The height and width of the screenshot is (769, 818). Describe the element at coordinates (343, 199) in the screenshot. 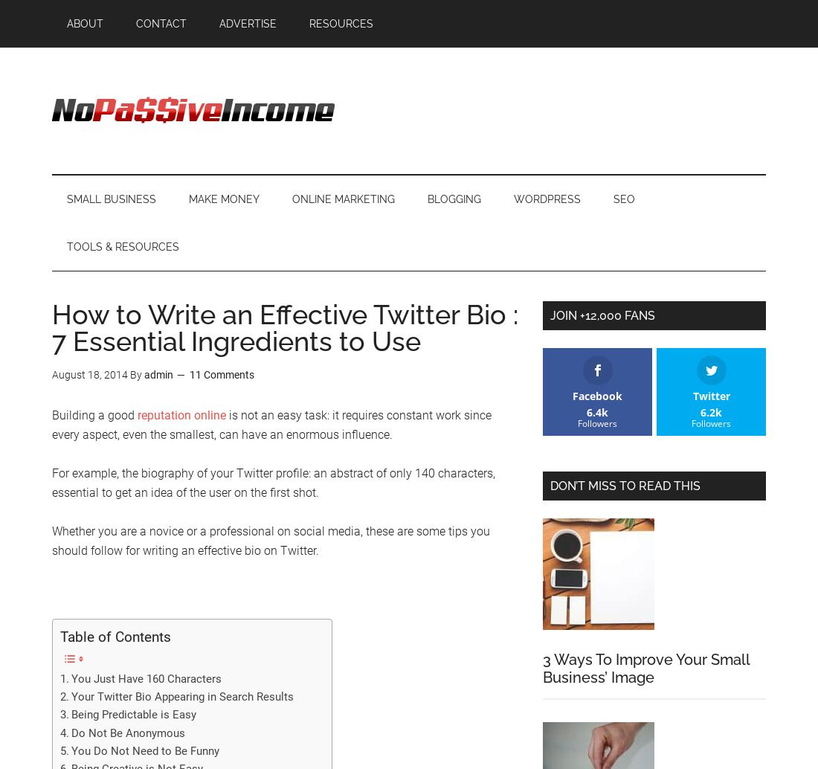

I see `'Online Marketing'` at that location.